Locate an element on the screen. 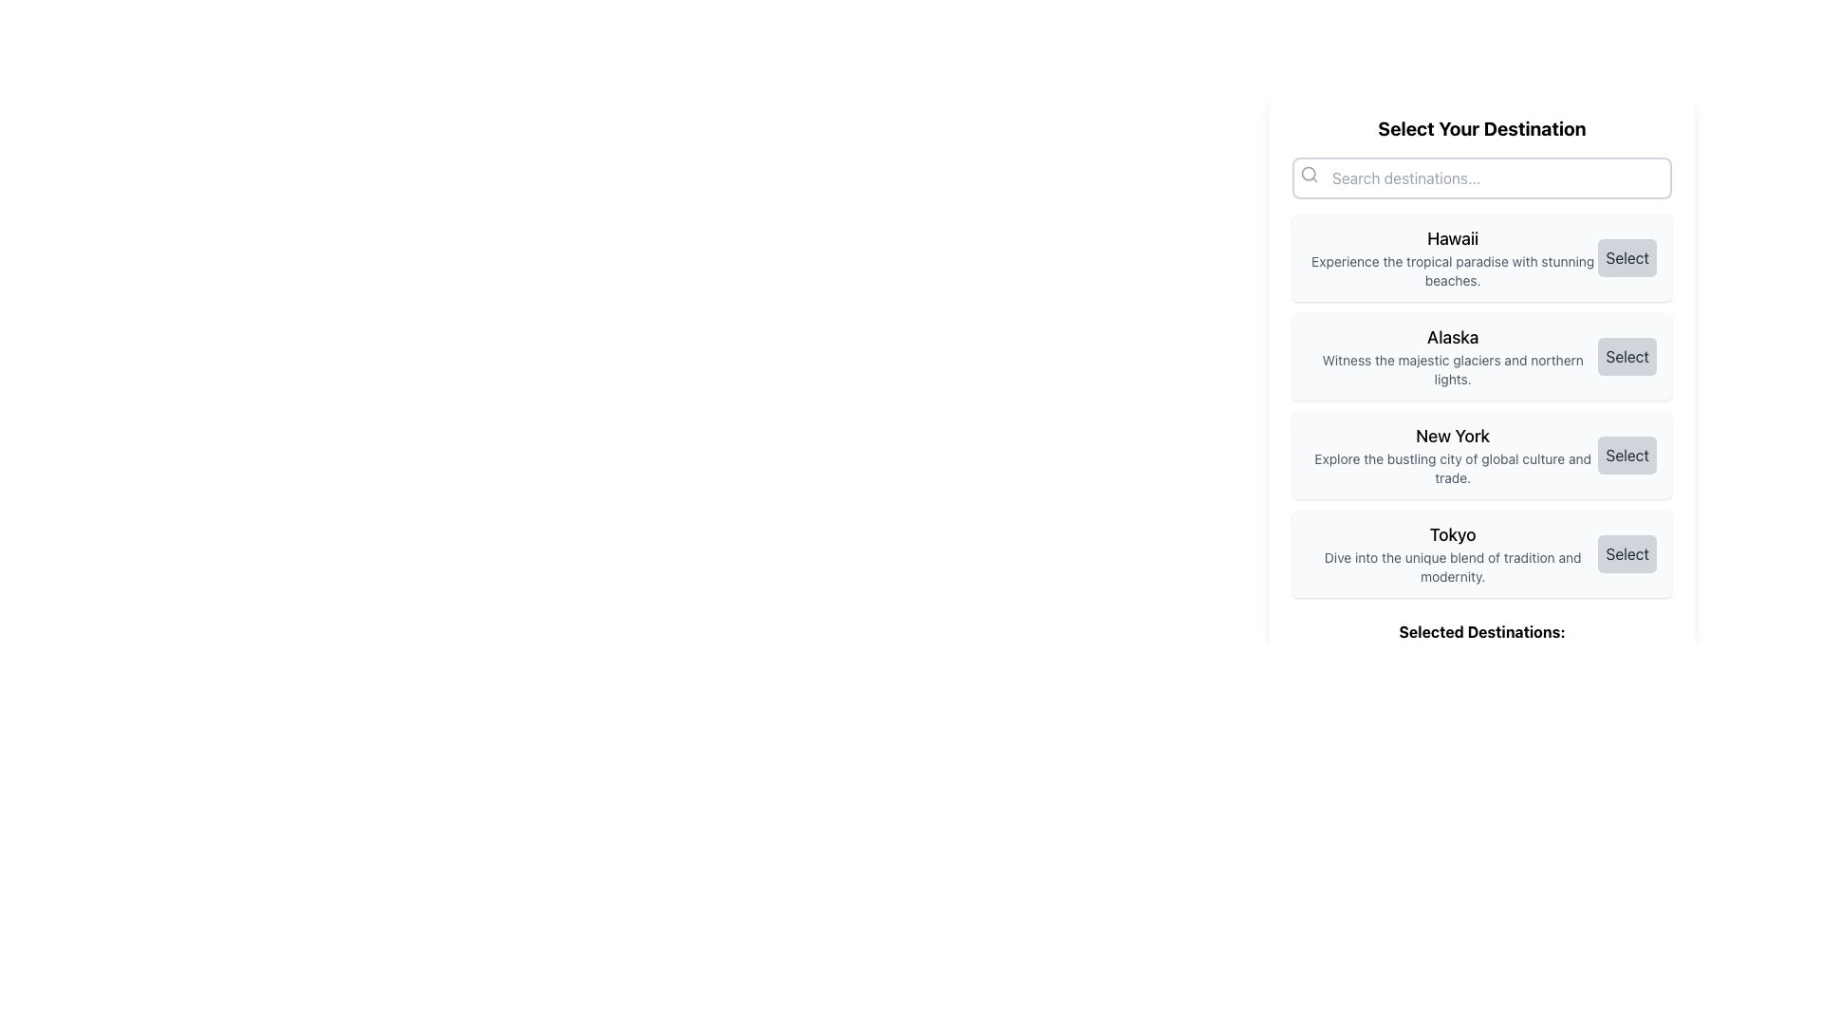  the text label reading 'Experience the tropical paradise with stunning beaches,' which is positioned directly below the title 'Hawaii' in the destination list is located at coordinates (1452, 270).